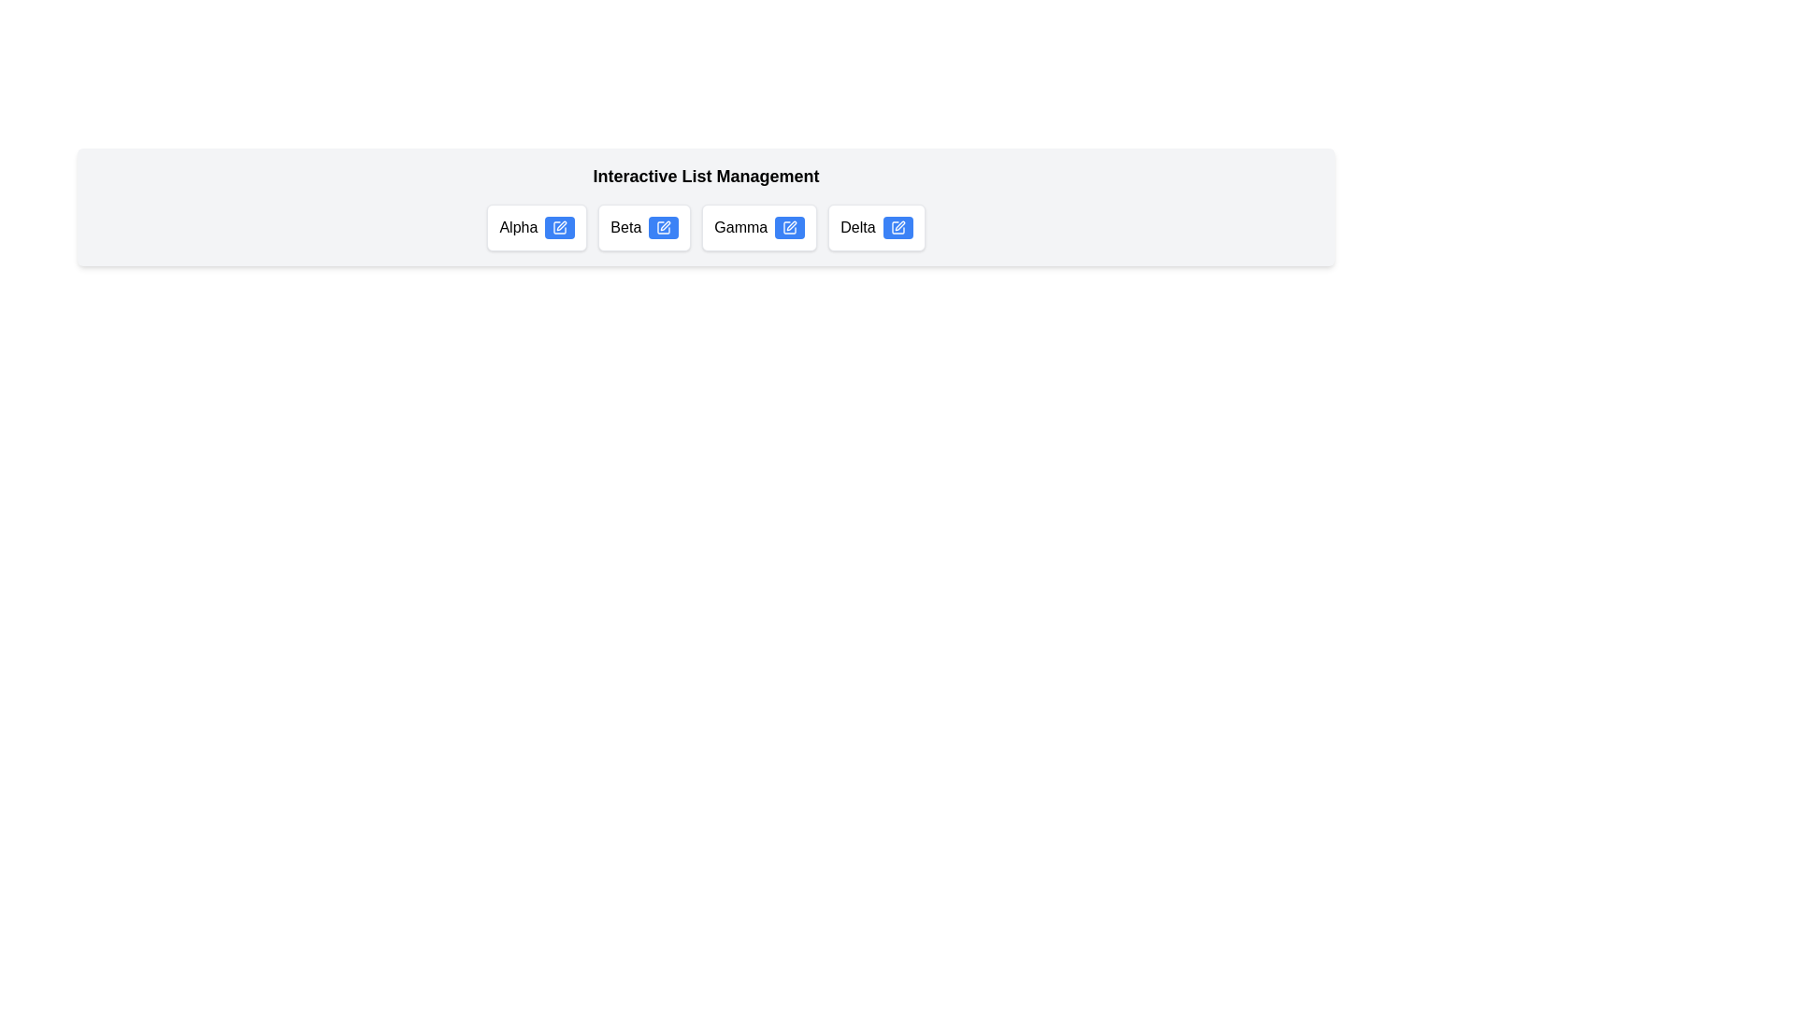 The height and width of the screenshot is (1009, 1795). Describe the element at coordinates (664, 226) in the screenshot. I see `the button with a blue background and white text, which features a pen icon, to observe the styling change` at that location.